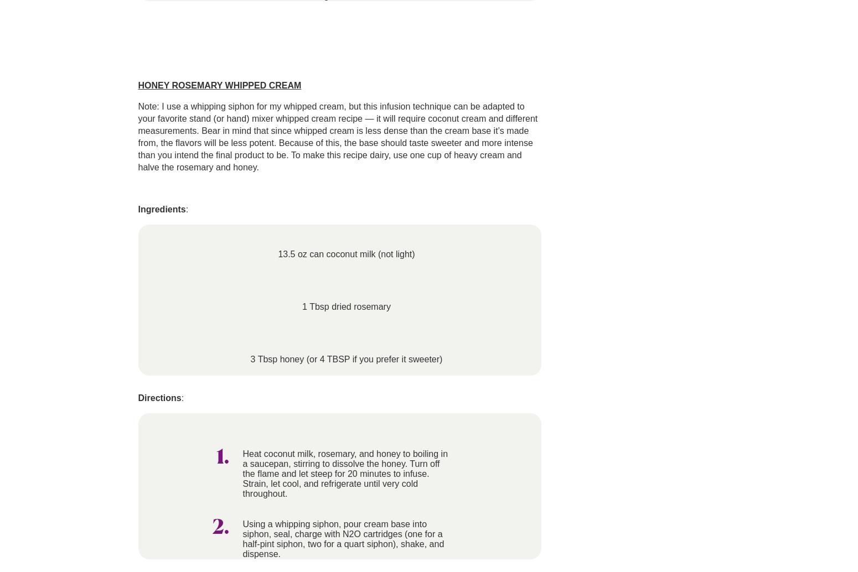 The width and height of the screenshot is (858, 572). Describe the element at coordinates (159, 398) in the screenshot. I see `'Directions'` at that location.